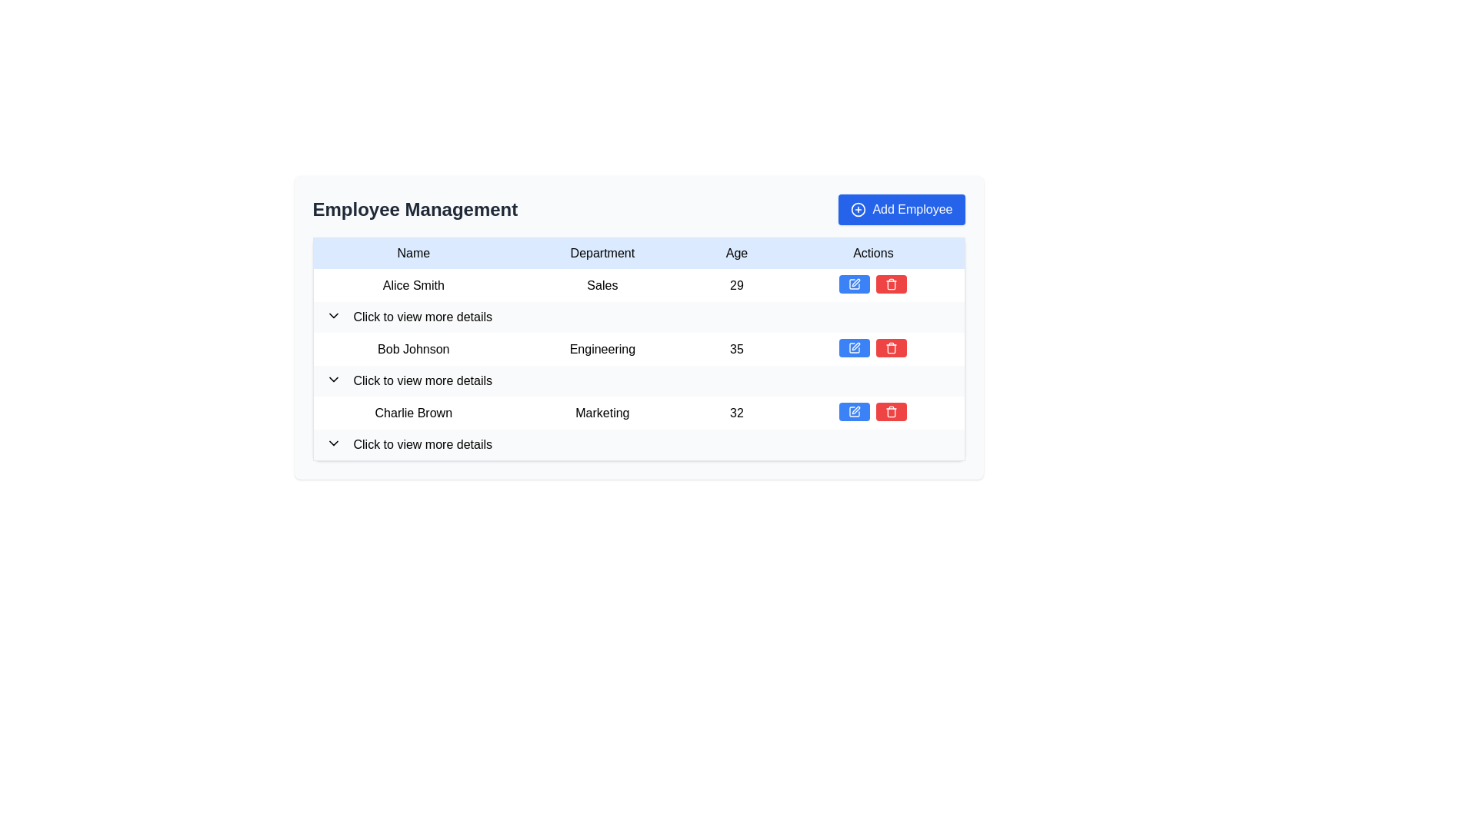 This screenshot has height=830, width=1477. I want to click on the chevron icon on the leftmost side of the row labeled 'Click, so click(332, 443).